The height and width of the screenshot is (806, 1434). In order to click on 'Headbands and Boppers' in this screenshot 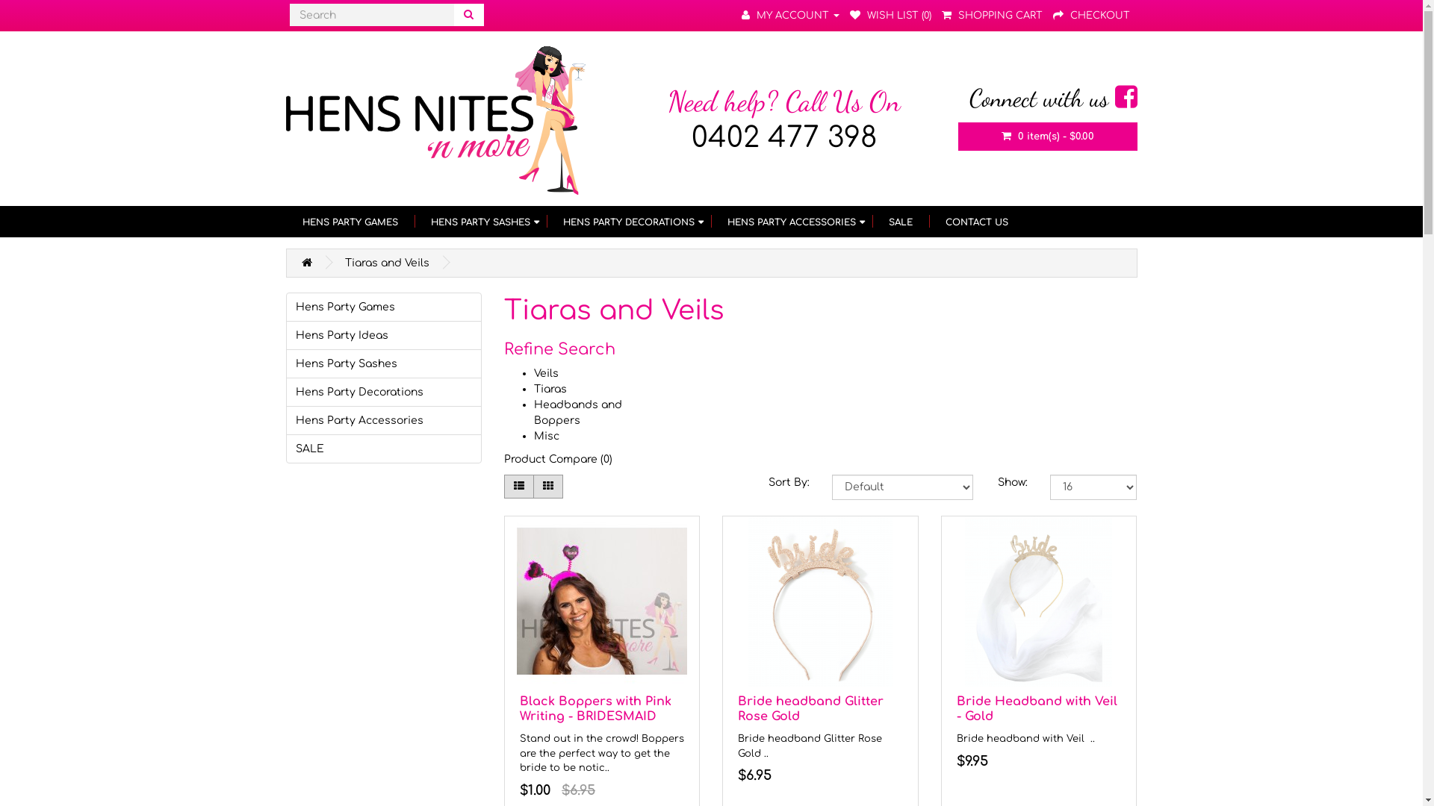, I will do `click(577, 412)`.